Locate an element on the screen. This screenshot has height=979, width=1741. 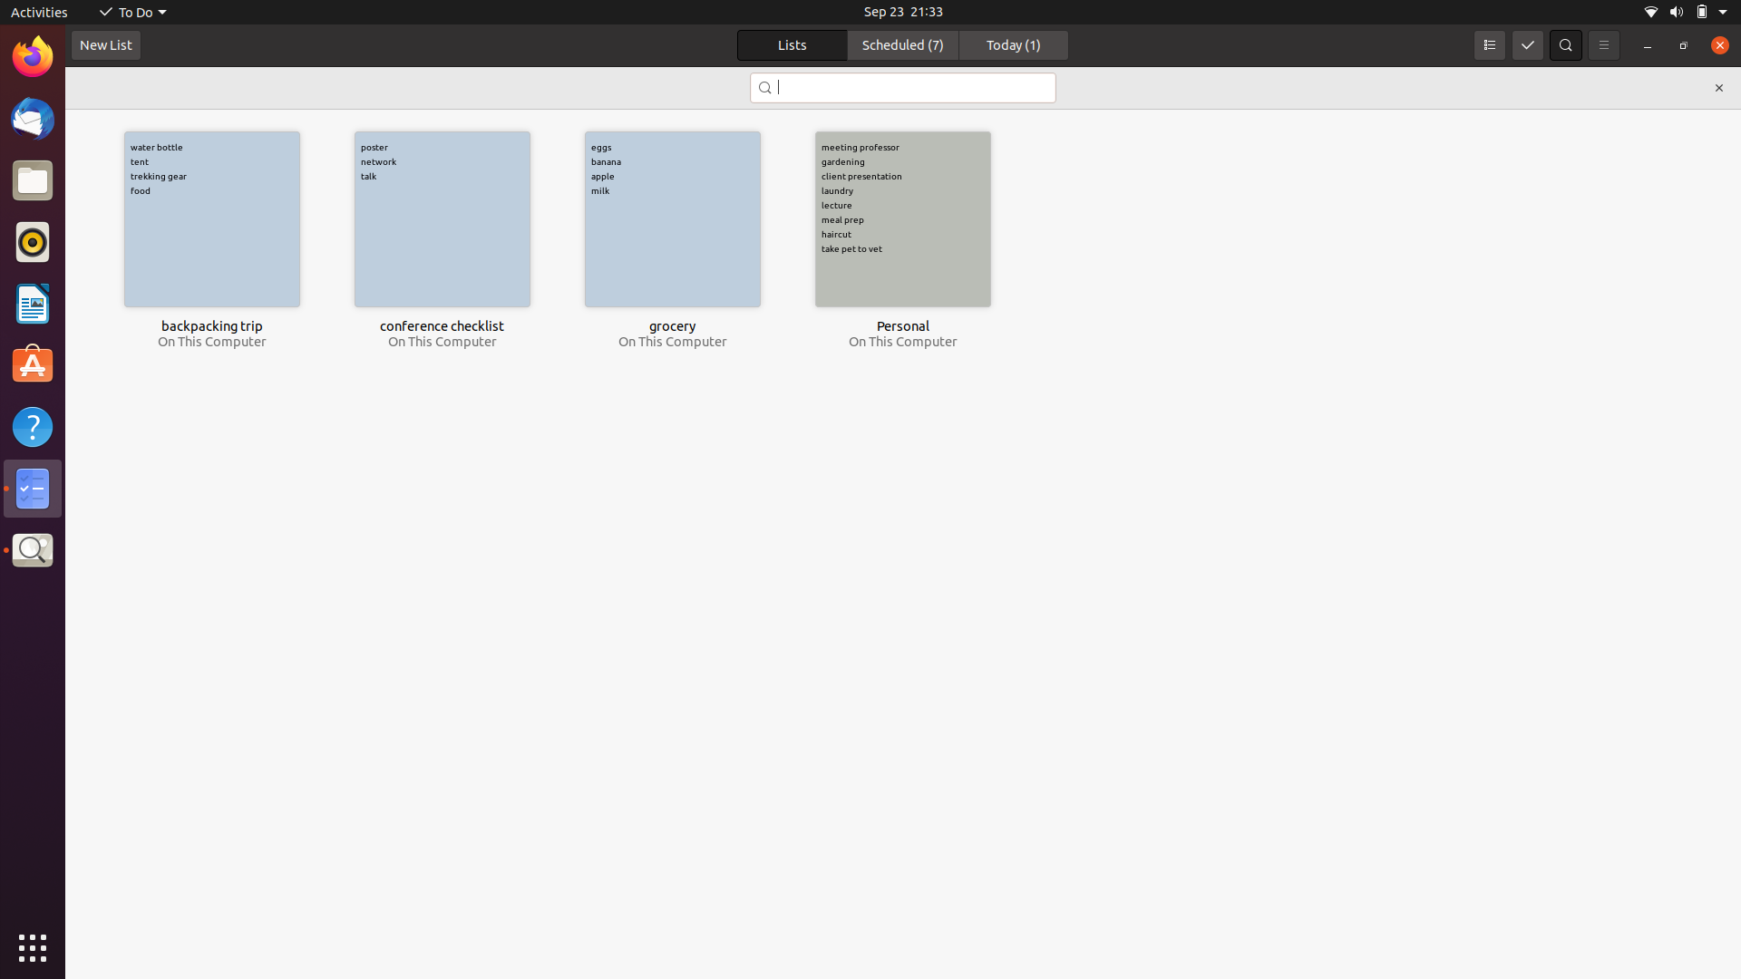
Locate the to-do item titled as "conference is located at coordinates (901, 88).